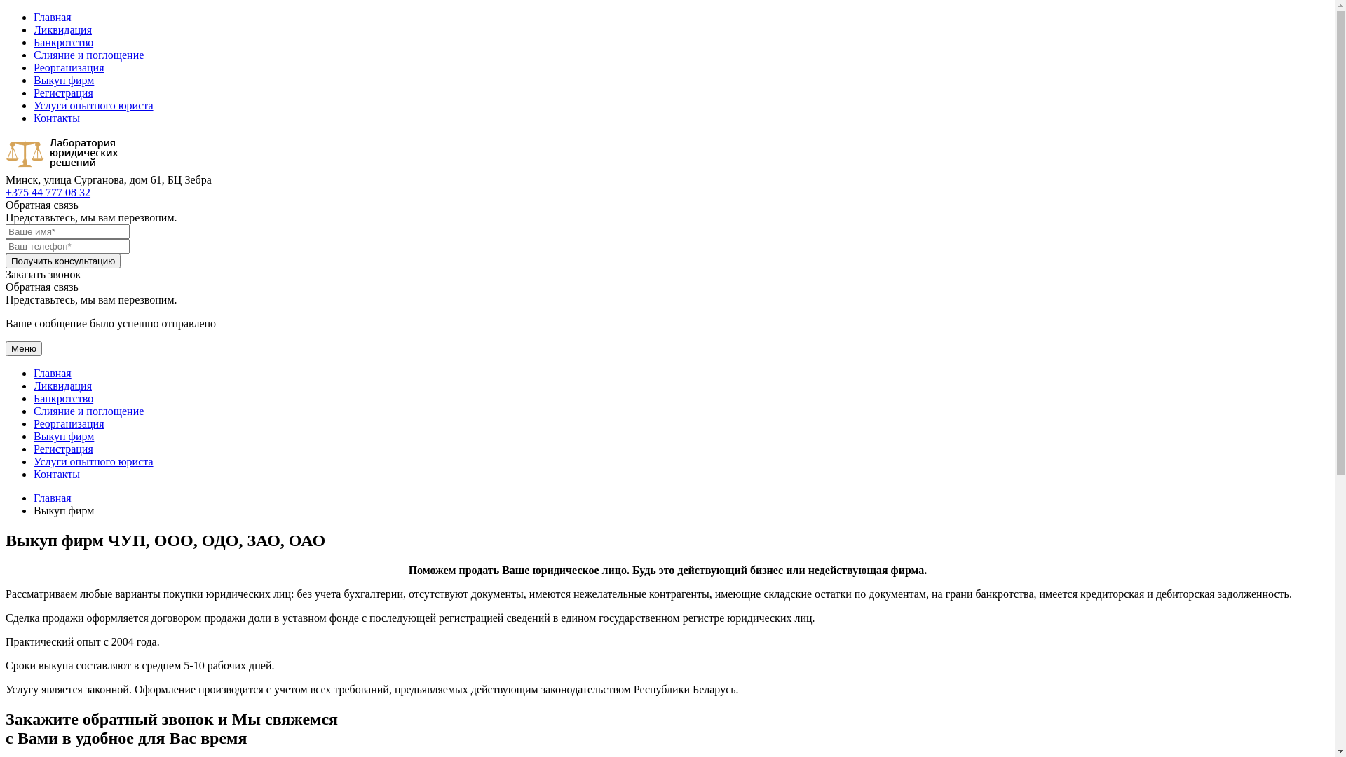 This screenshot has height=757, width=1346. What do you see at coordinates (48, 192) in the screenshot?
I see `'+375 44 777 08 32'` at bounding box center [48, 192].